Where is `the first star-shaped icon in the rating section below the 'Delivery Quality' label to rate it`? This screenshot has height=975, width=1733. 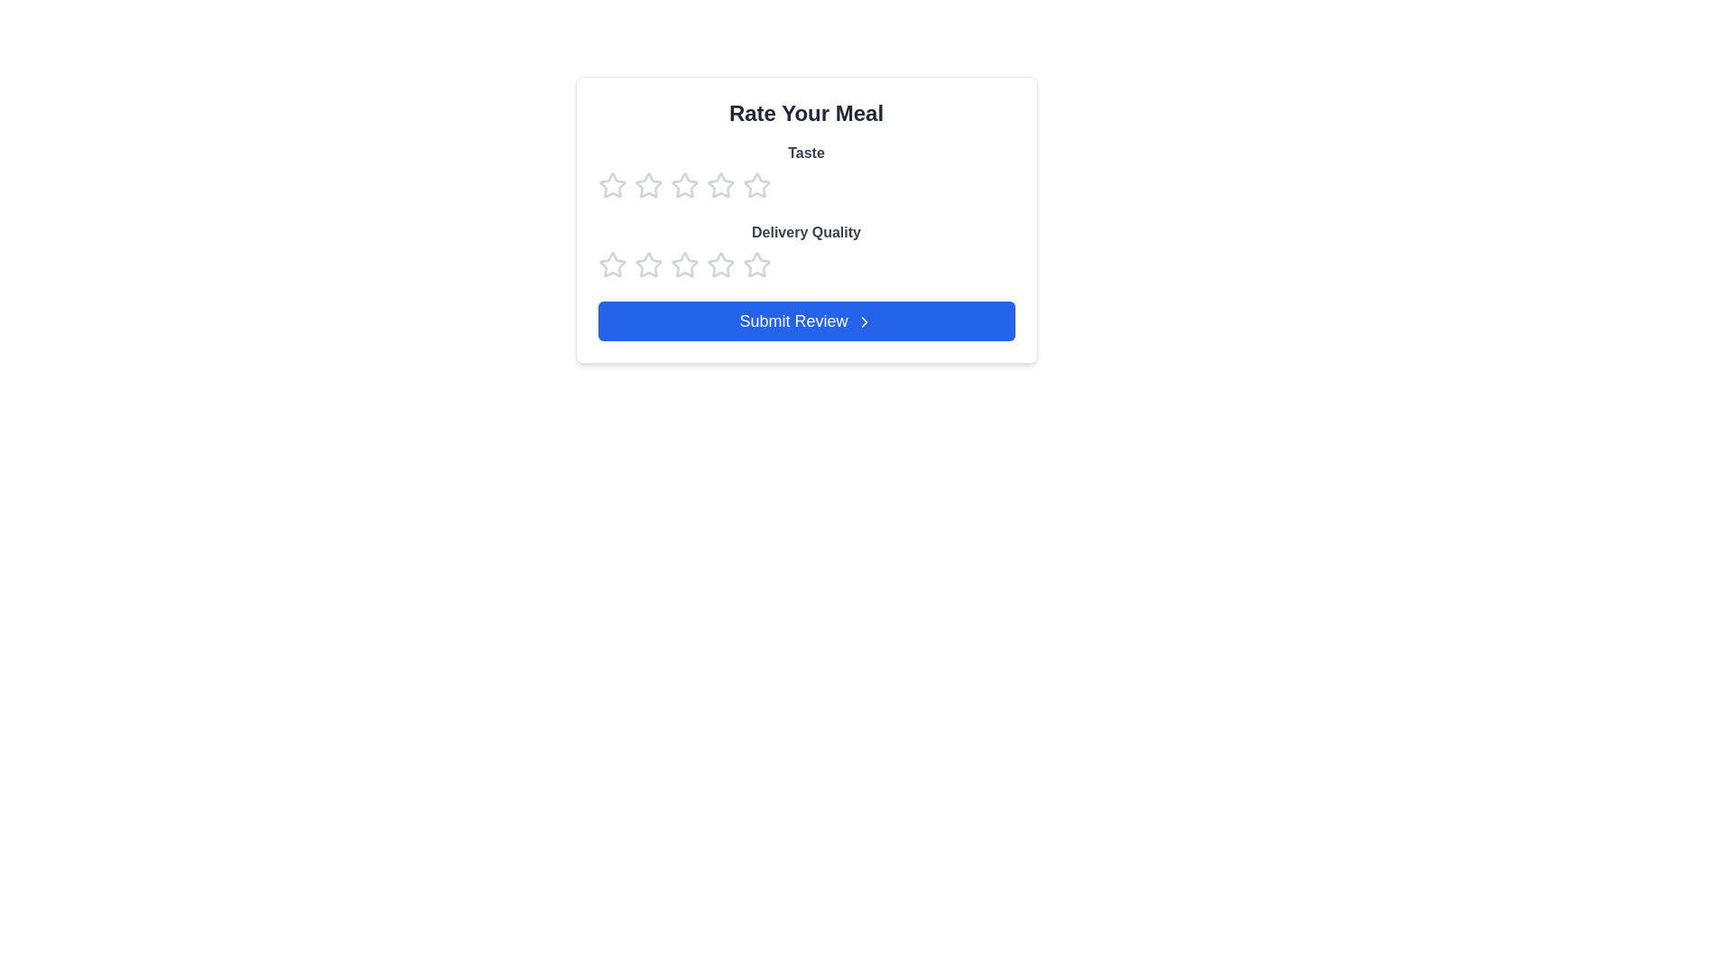
the first star-shaped icon in the rating section below the 'Delivery Quality' label to rate it is located at coordinates (612, 265).